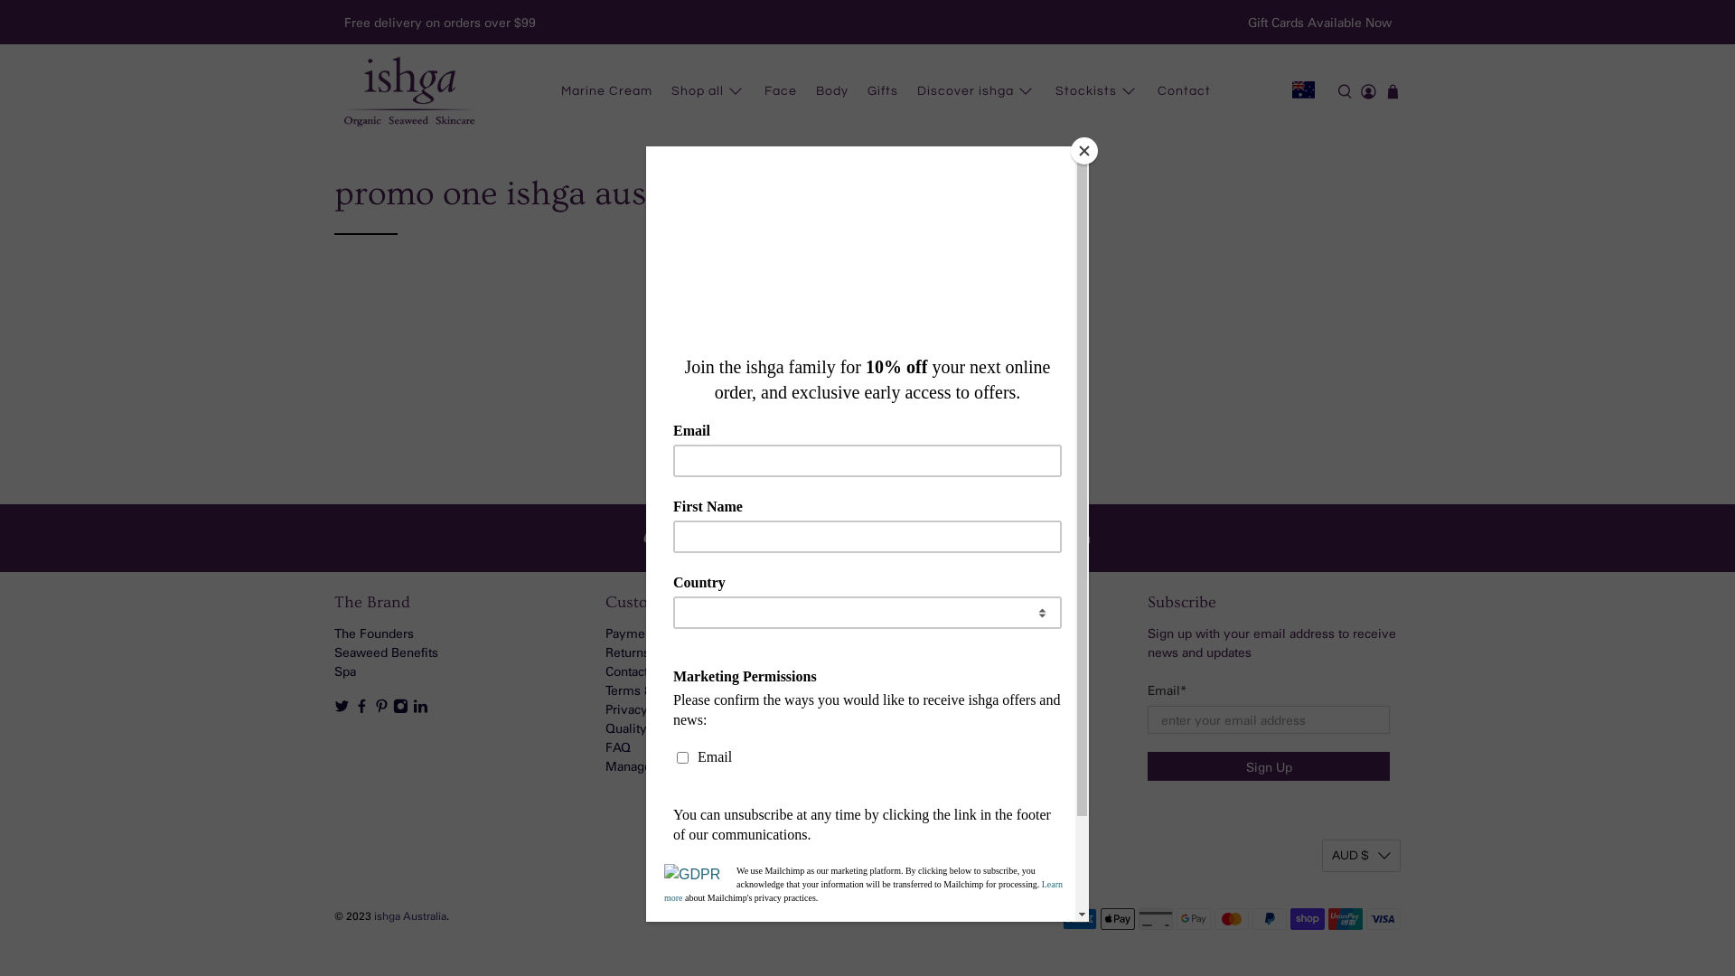 The width and height of the screenshot is (1735, 976). I want to click on 'The Founders', so click(372, 632).